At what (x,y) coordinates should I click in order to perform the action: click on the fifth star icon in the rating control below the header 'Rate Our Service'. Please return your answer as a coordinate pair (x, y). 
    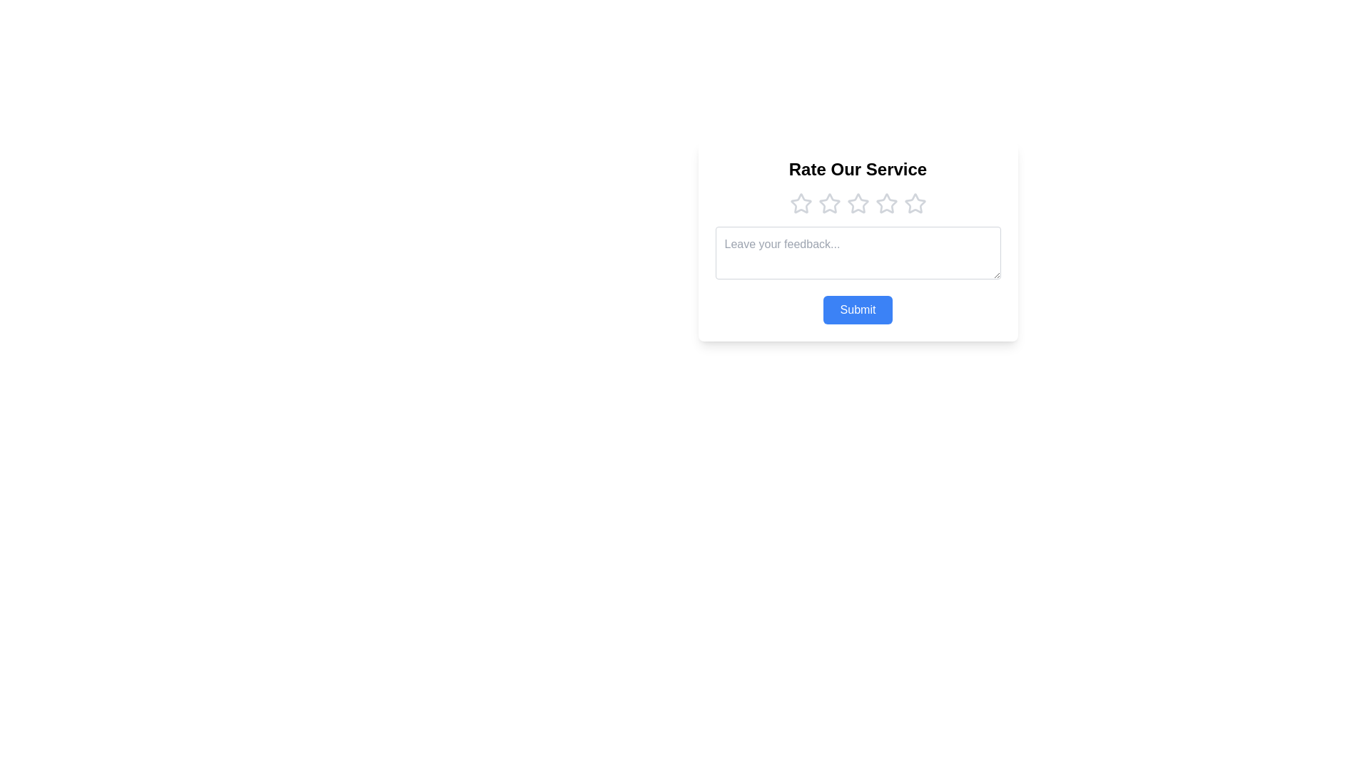
    Looking at the image, I should click on (915, 203).